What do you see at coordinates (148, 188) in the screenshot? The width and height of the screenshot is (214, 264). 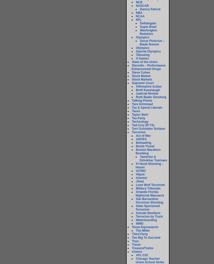 I see `'Military Tribunals'` at bounding box center [148, 188].